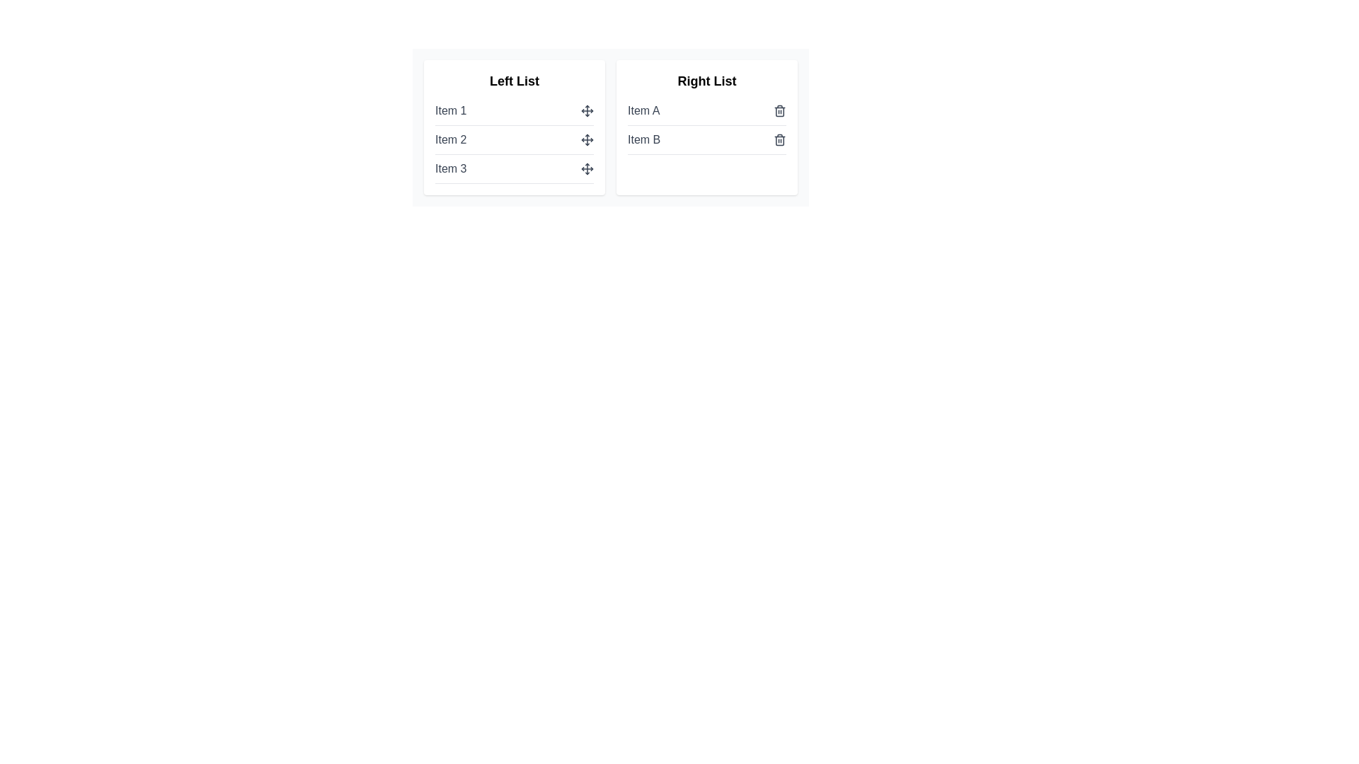  What do you see at coordinates (779, 110) in the screenshot?
I see `delete icon next to Item A in the Right List` at bounding box center [779, 110].